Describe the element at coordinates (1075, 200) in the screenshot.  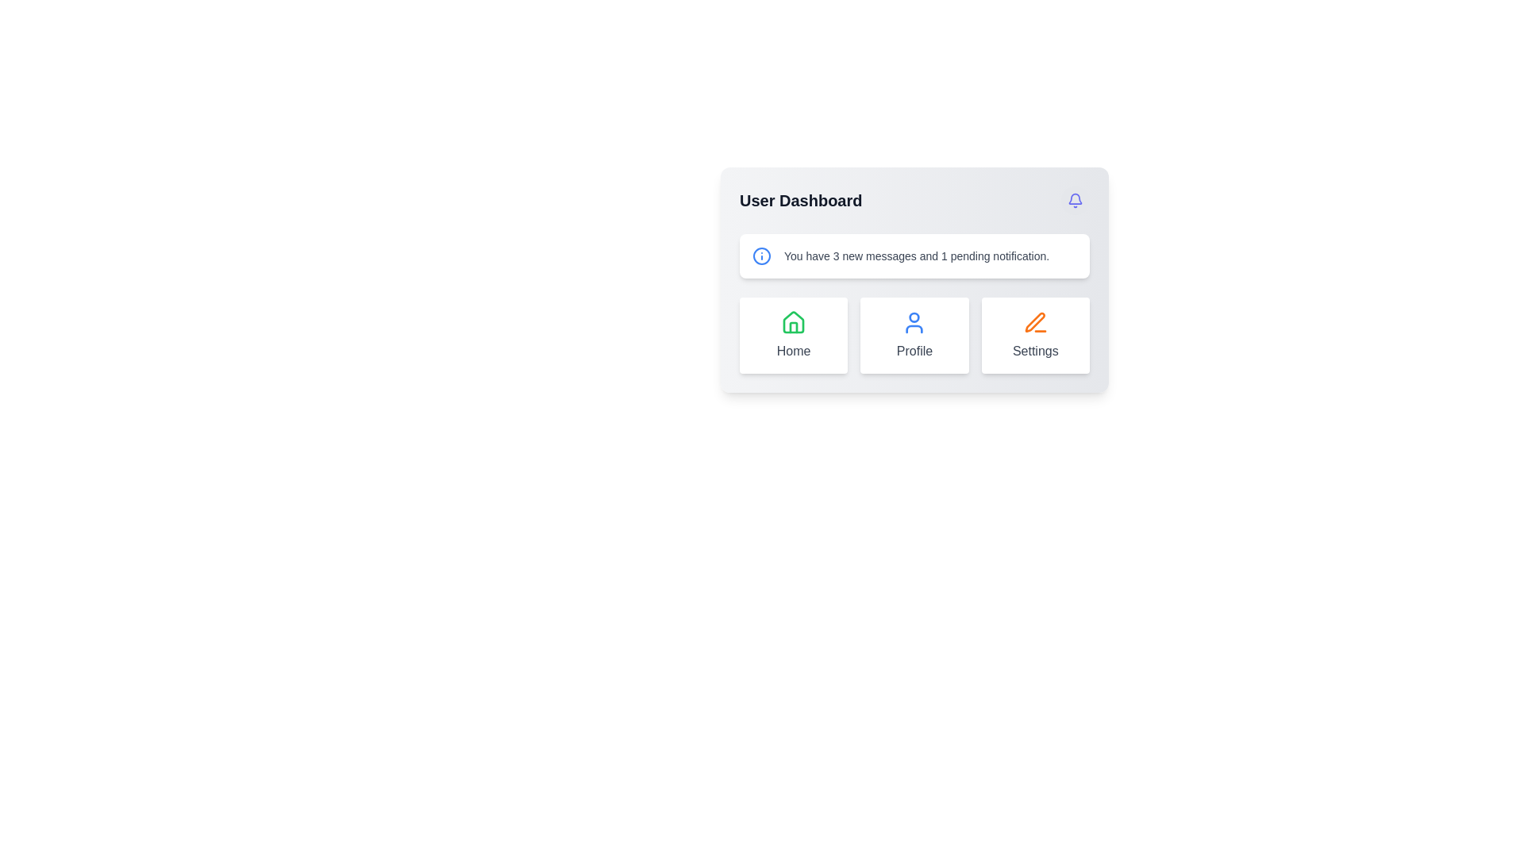
I see `the notification button represented by a bell icon in the top-right corner of the header area titled 'User Dashboard'` at that location.